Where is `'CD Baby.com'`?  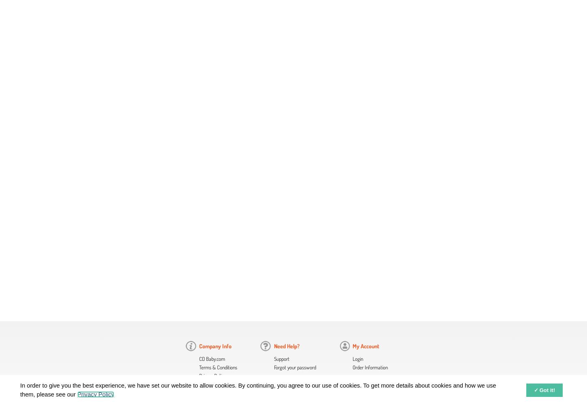
'CD Baby.com' is located at coordinates (199, 359).